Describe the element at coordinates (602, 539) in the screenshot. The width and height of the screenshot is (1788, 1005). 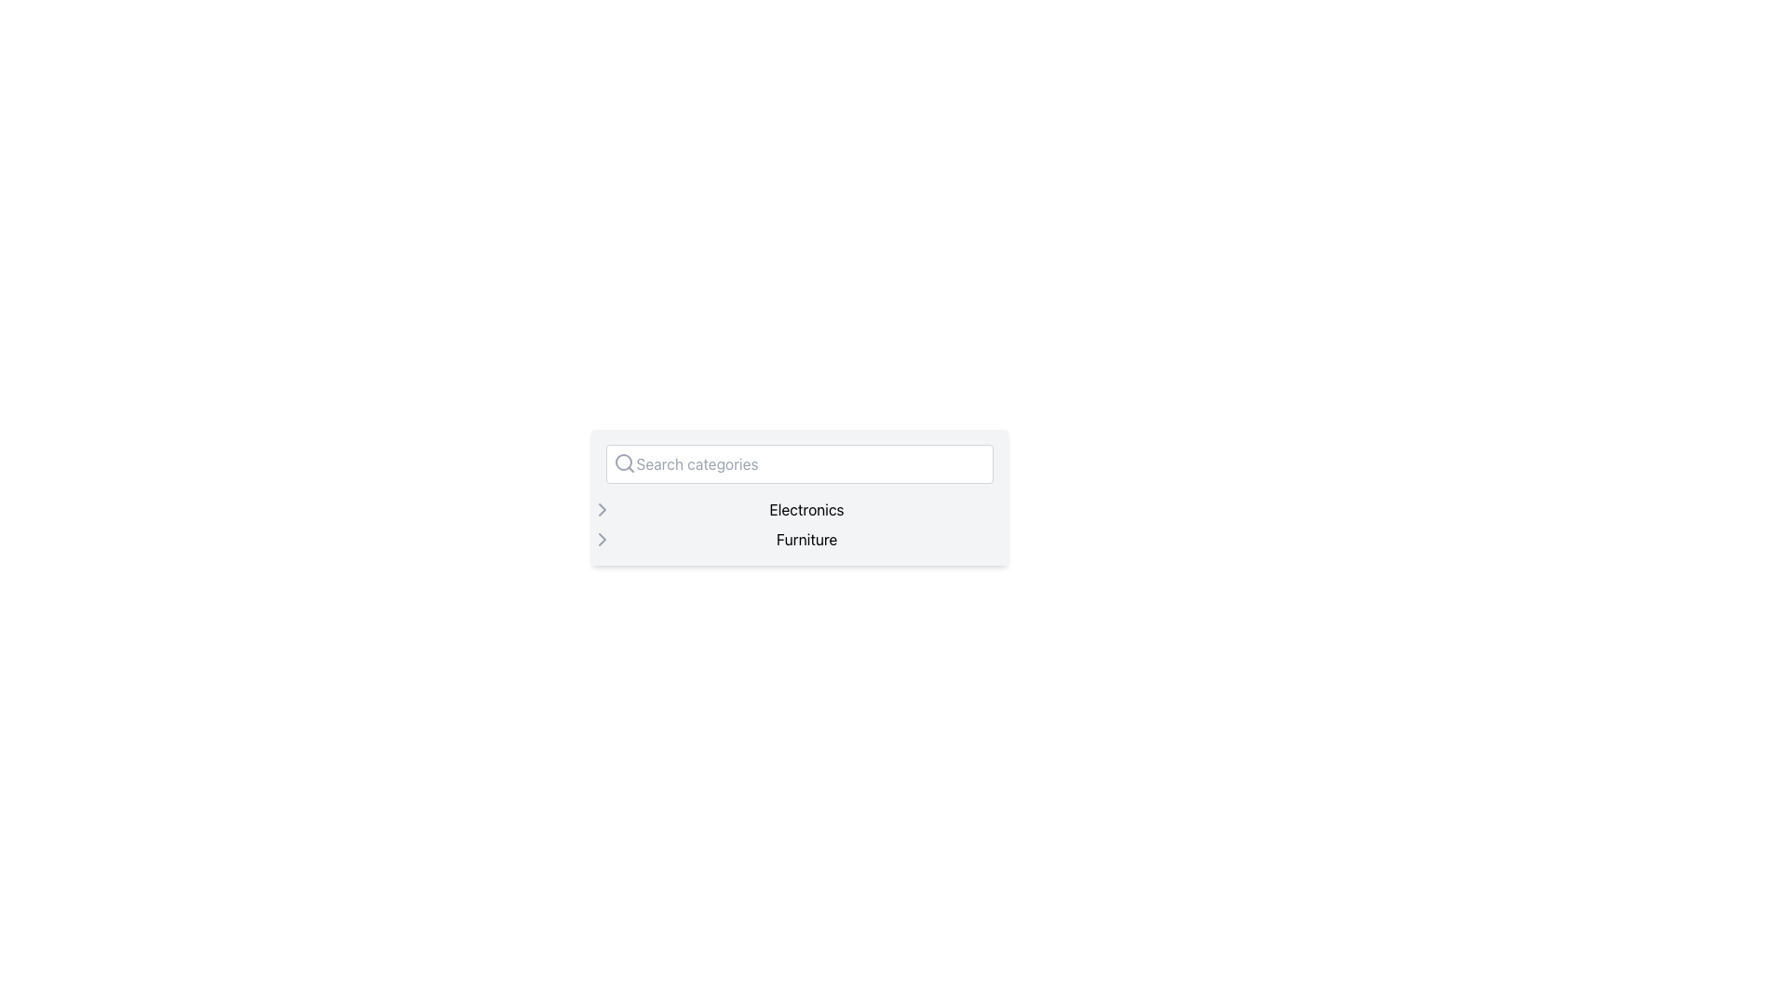
I see `the right-pointing chevron-shaped Navigation Icon (Chevron) adjacent to the 'Electronics' text` at that location.